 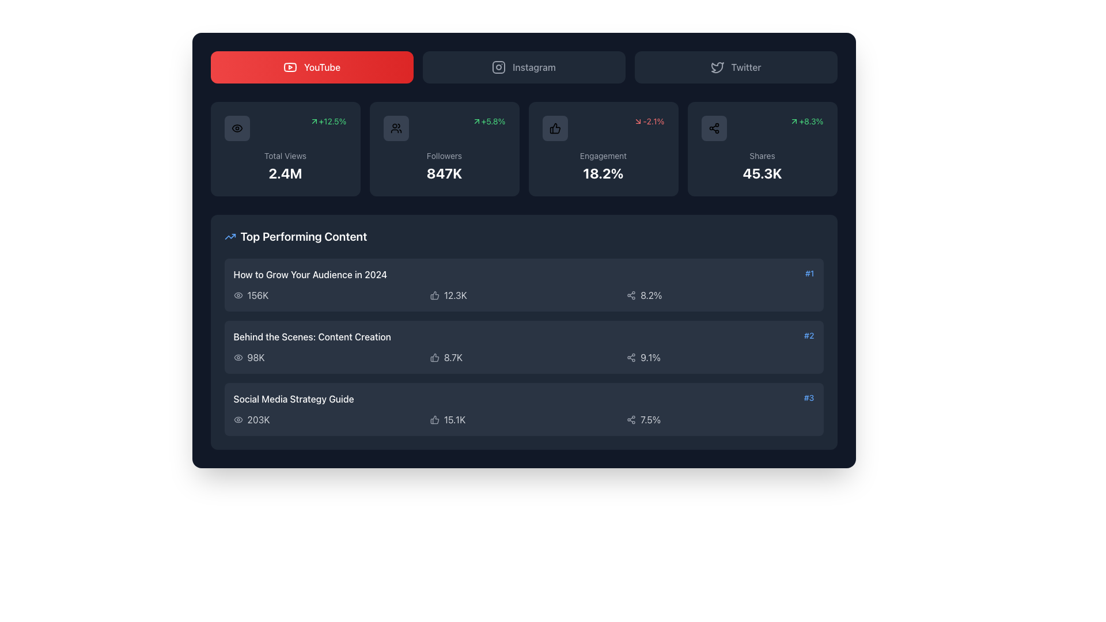 What do you see at coordinates (809, 273) in the screenshot?
I see `or read the blue text label located at the top right of the list item titled 'How to Grow Your Audience in 2024'` at bounding box center [809, 273].